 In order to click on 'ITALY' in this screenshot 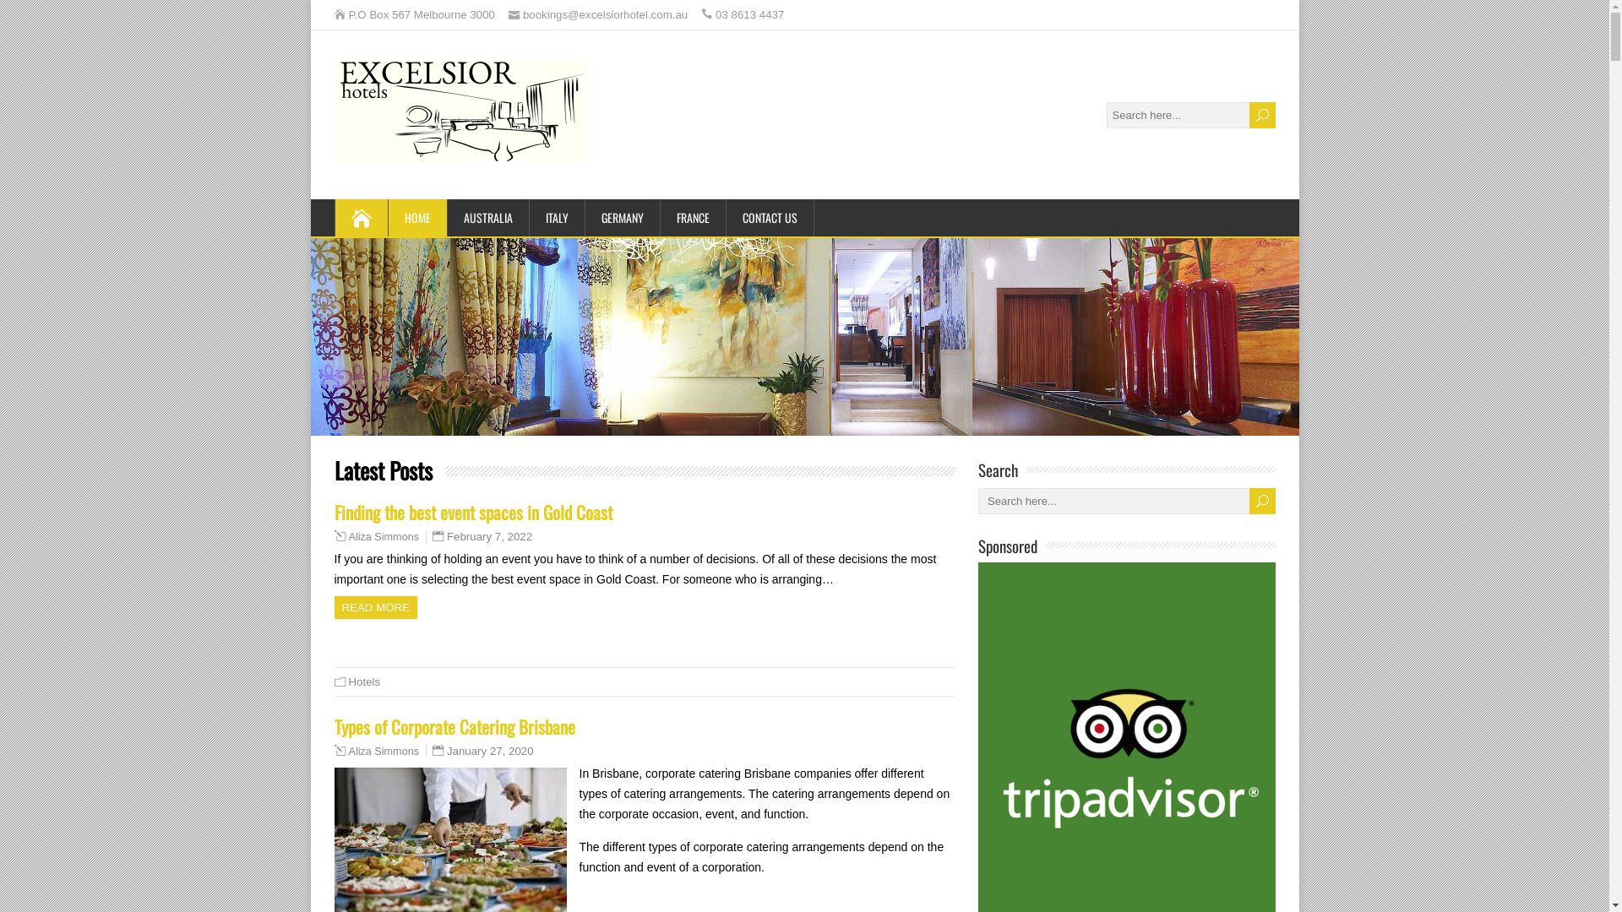, I will do `click(556, 217)`.